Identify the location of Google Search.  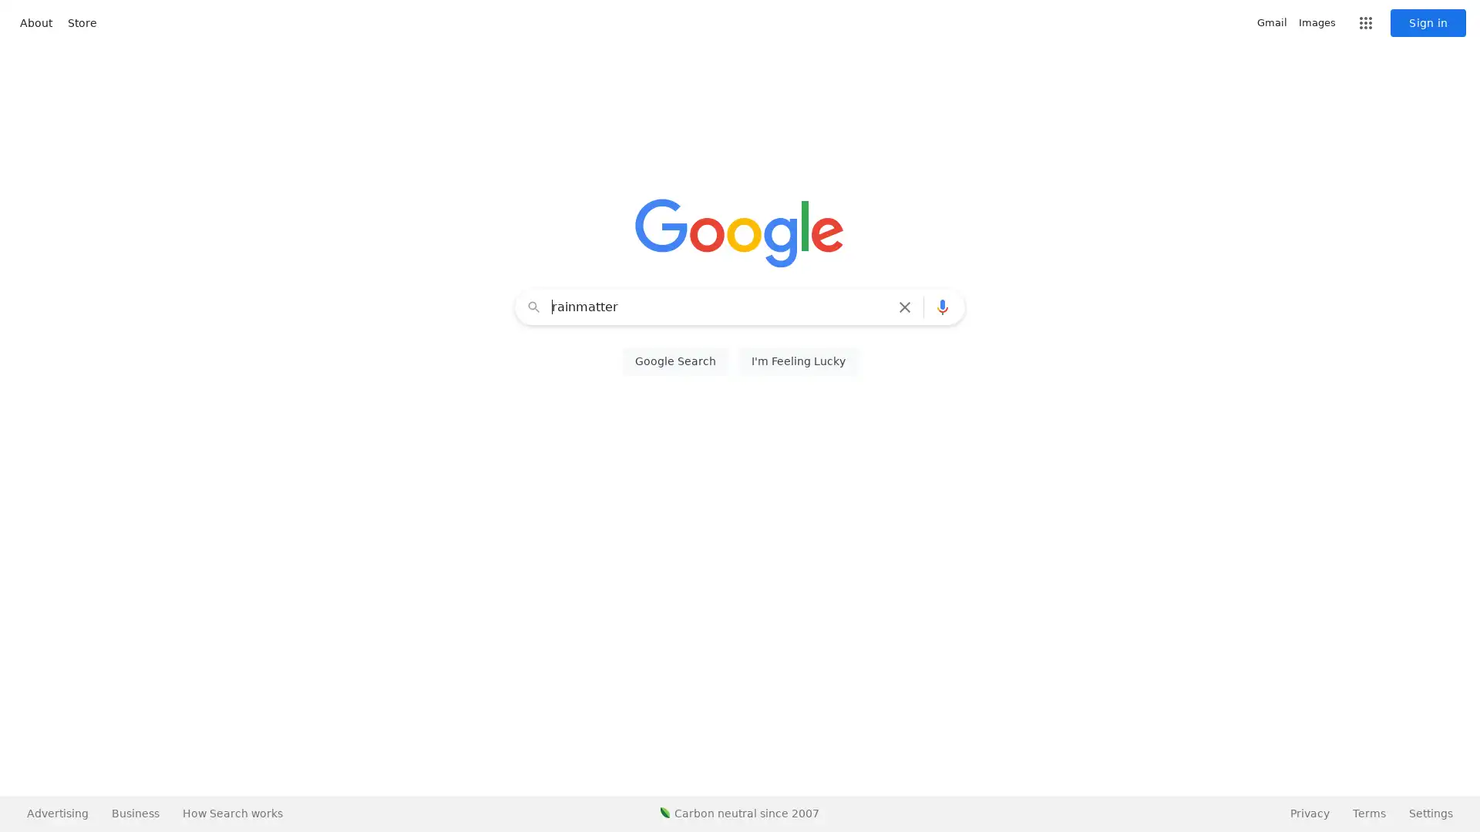
(674, 361).